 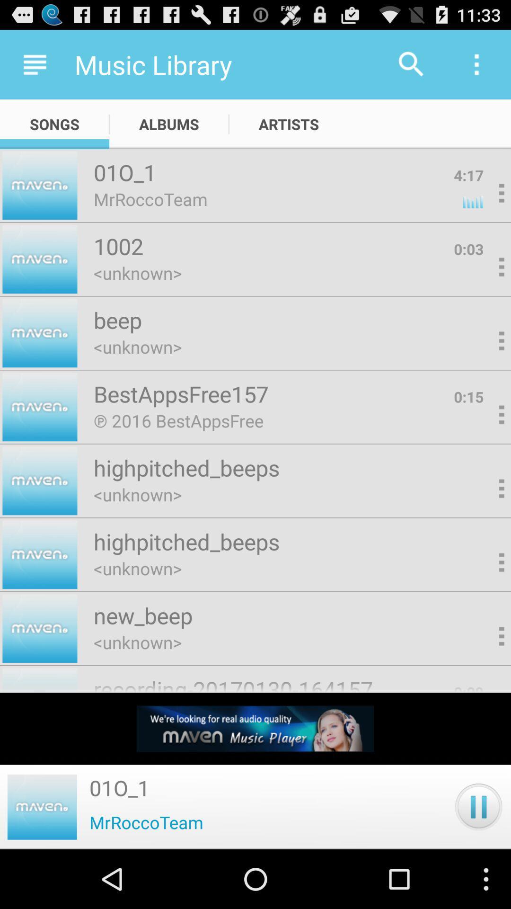 I want to click on the more icon, so click(x=486, y=682).